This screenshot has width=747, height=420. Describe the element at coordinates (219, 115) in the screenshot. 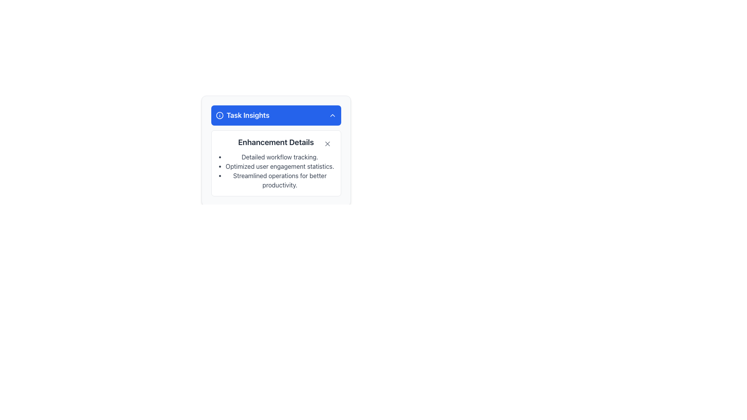

I see `the informational icon located to the left of the 'Task Insights' text in the upper segment of the card-like structure` at that location.